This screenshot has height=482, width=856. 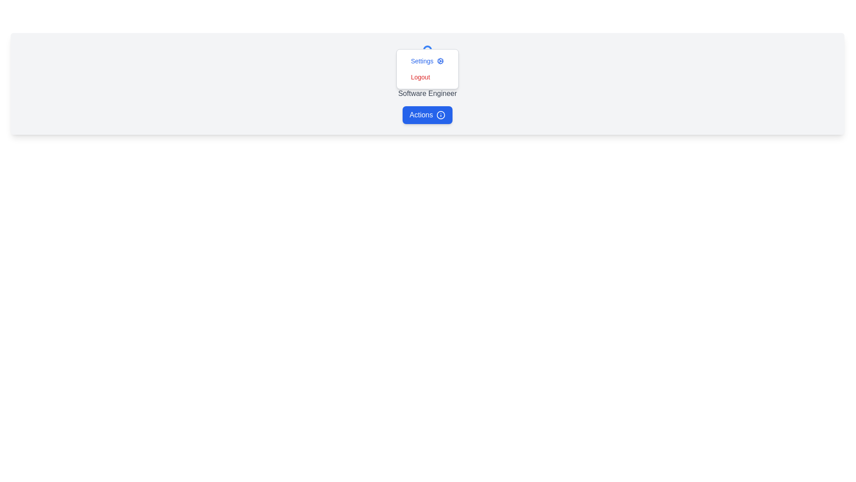 I want to click on the logout button, which is the second option in the dropdown menu located below the 'Settings' option, to change its text color, so click(x=427, y=77).